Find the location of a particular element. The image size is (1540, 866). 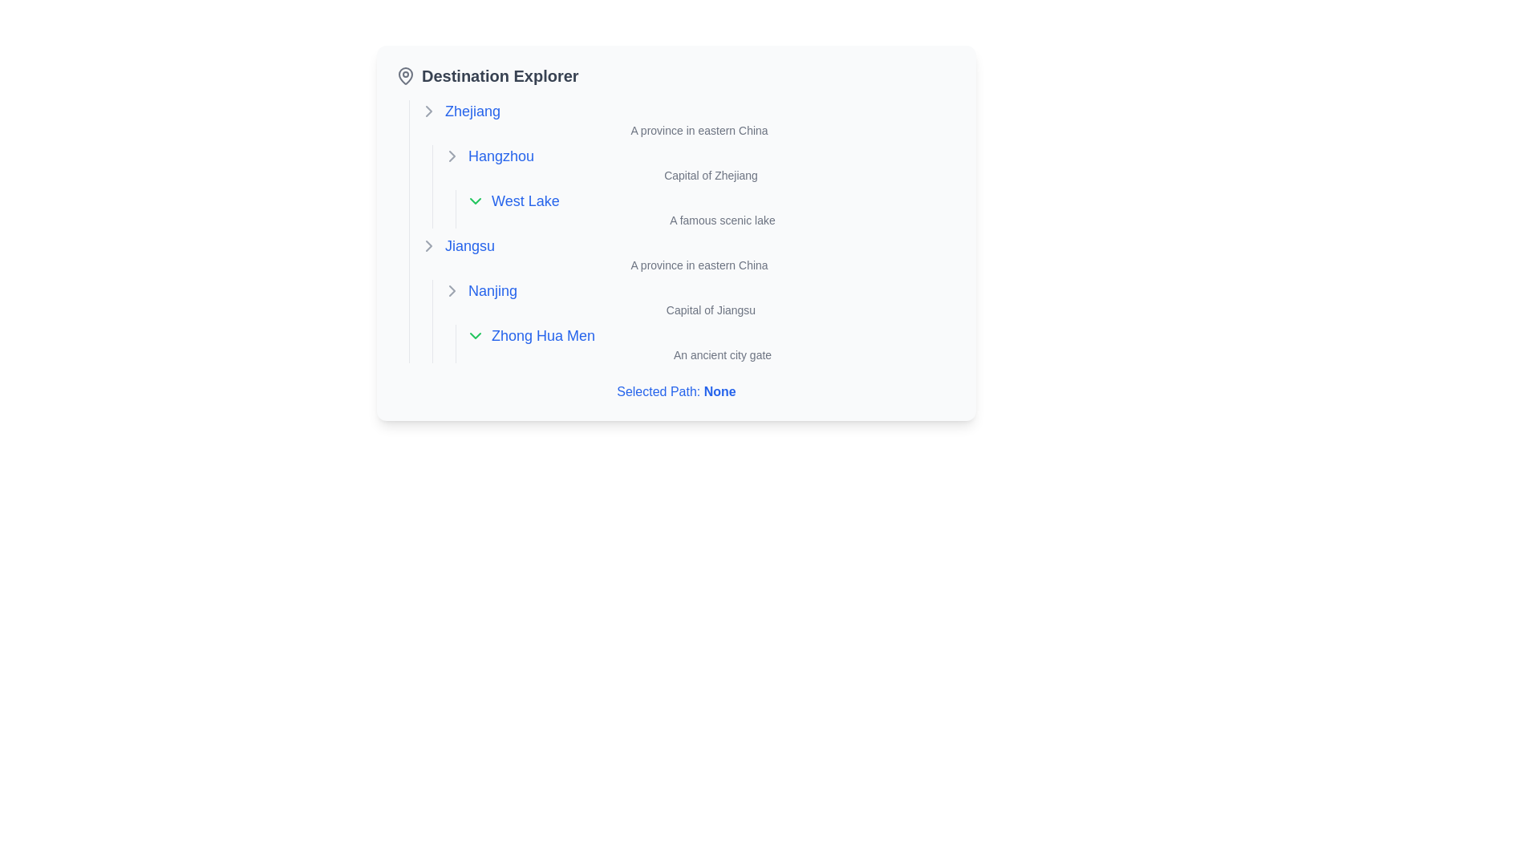

the text section containing the phrase 'Jiangsu, A province in eastern China, Nanjing, Capital of Jiangsu, Zhong Hua Men, An ancient city gate', which is styled with consistent padding and is located below the 'Zhejiang' section is located at coordinates (688, 299).